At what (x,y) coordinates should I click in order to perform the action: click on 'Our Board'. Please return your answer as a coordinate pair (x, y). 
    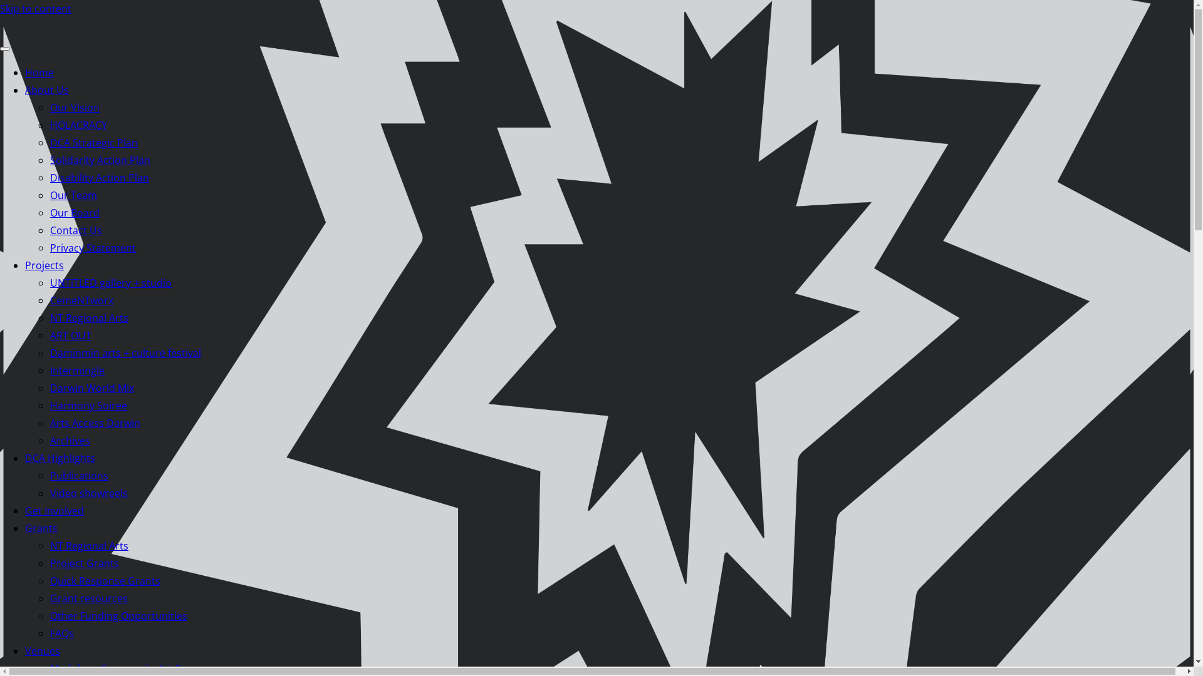
    Looking at the image, I should click on (74, 212).